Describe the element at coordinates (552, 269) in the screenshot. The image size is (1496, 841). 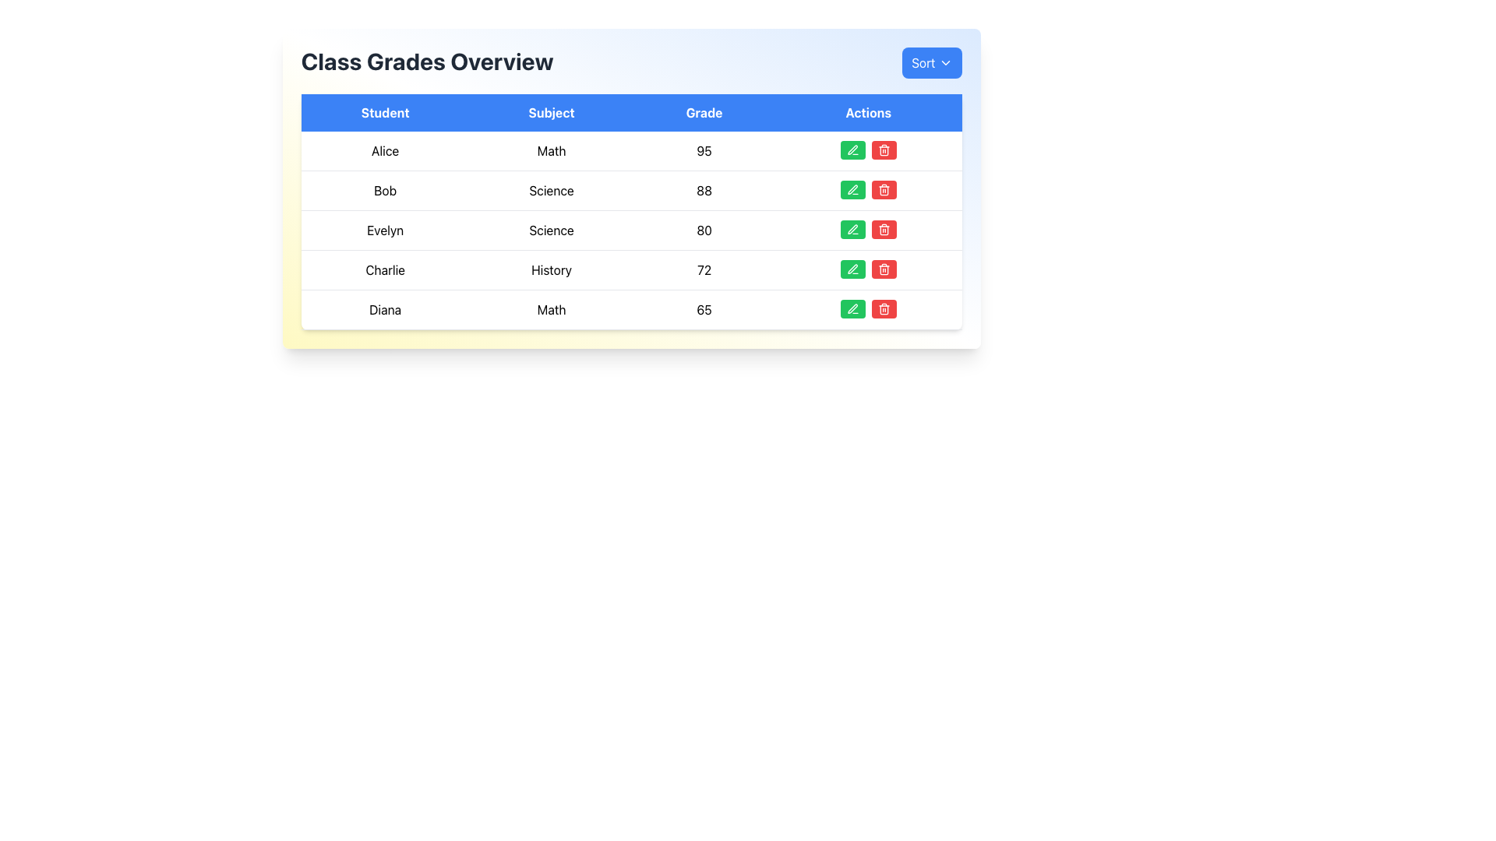
I see `the static text field displaying 'History' in the fourth row of the table, which categorizes information related to the student 'Charlie'` at that location.